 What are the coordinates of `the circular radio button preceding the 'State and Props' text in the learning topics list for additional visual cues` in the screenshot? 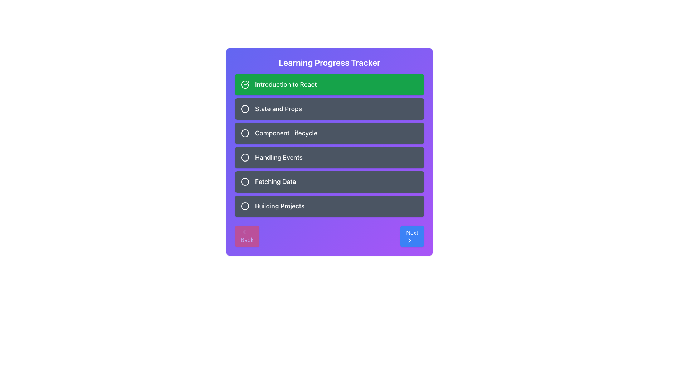 It's located at (245, 109).